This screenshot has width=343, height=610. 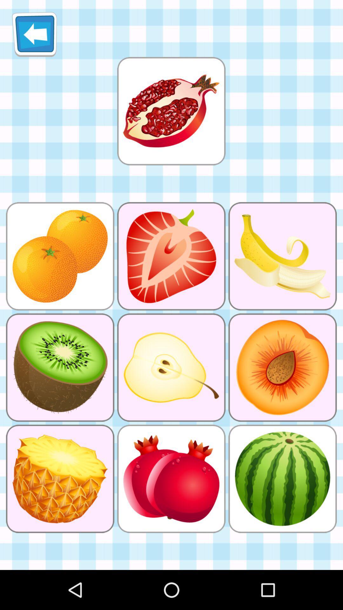 I want to click on what fruit to match, so click(x=171, y=111).